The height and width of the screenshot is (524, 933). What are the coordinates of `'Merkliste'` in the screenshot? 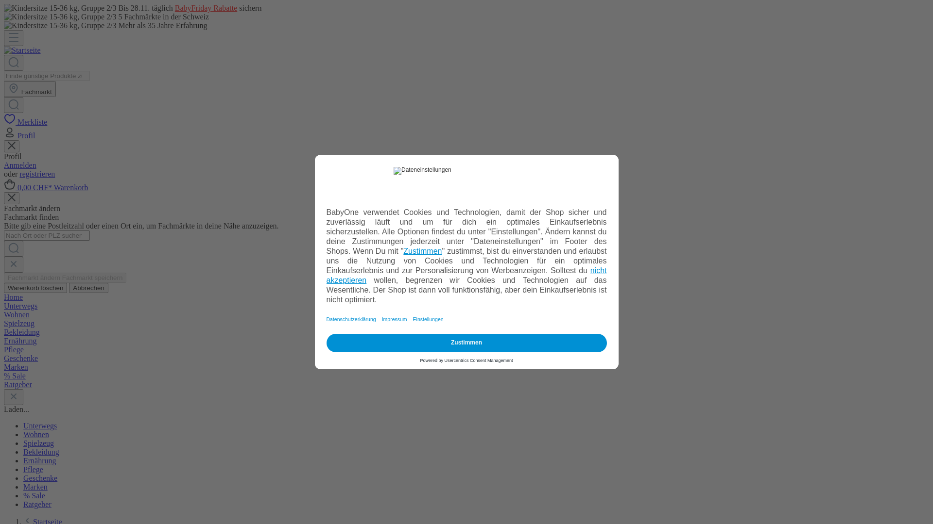 It's located at (25, 121).